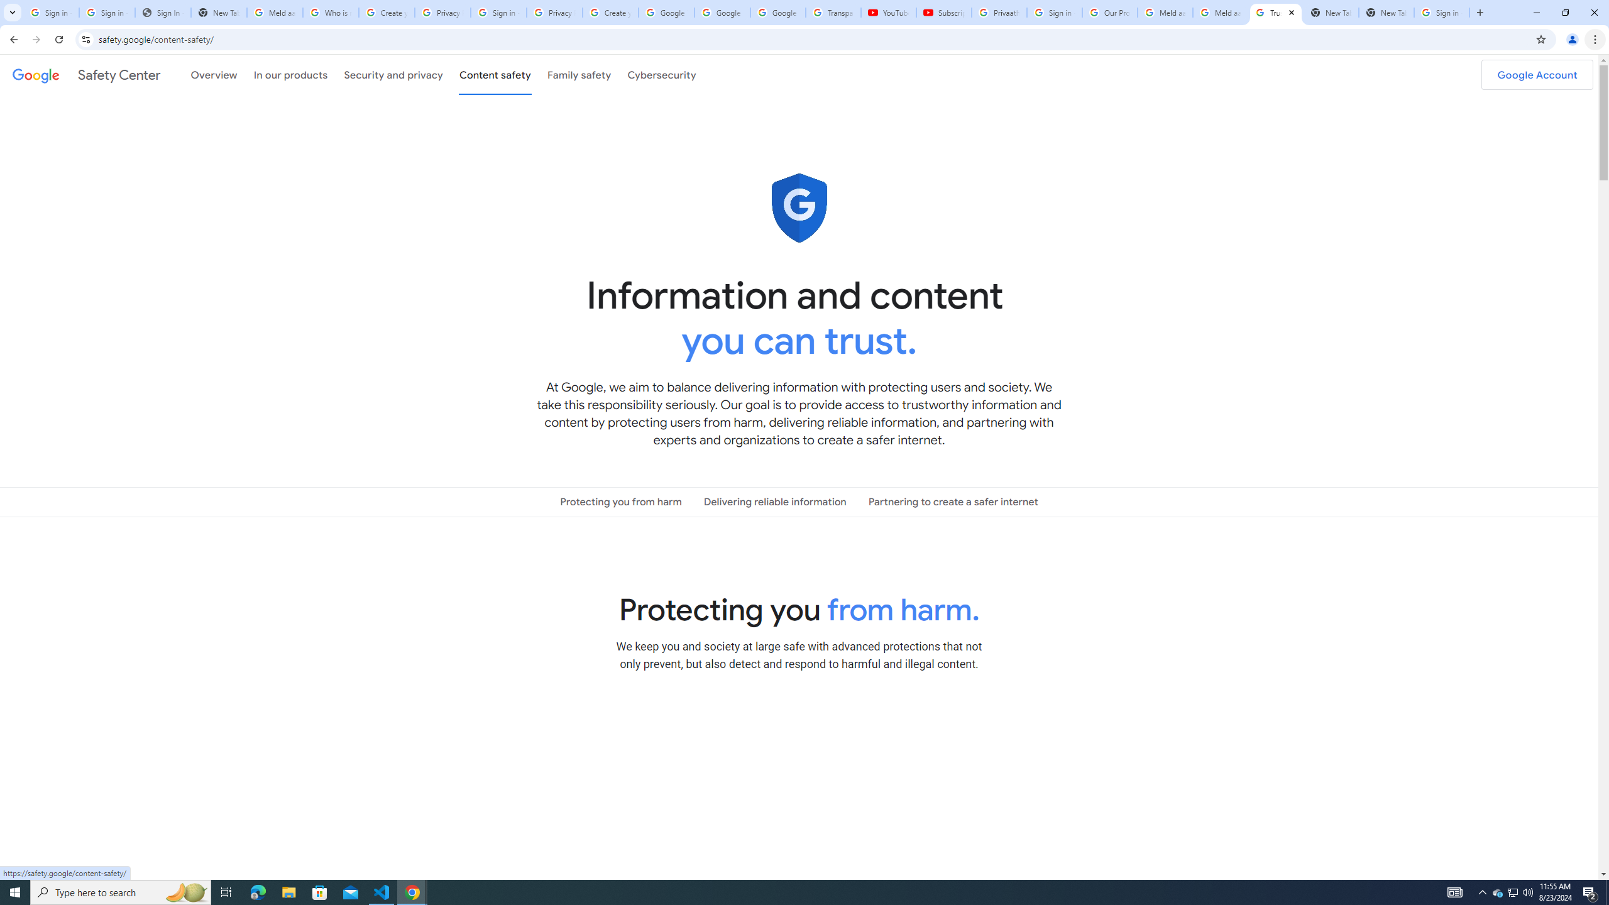 This screenshot has height=905, width=1609. I want to click on 'YouTube', so click(889, 12).